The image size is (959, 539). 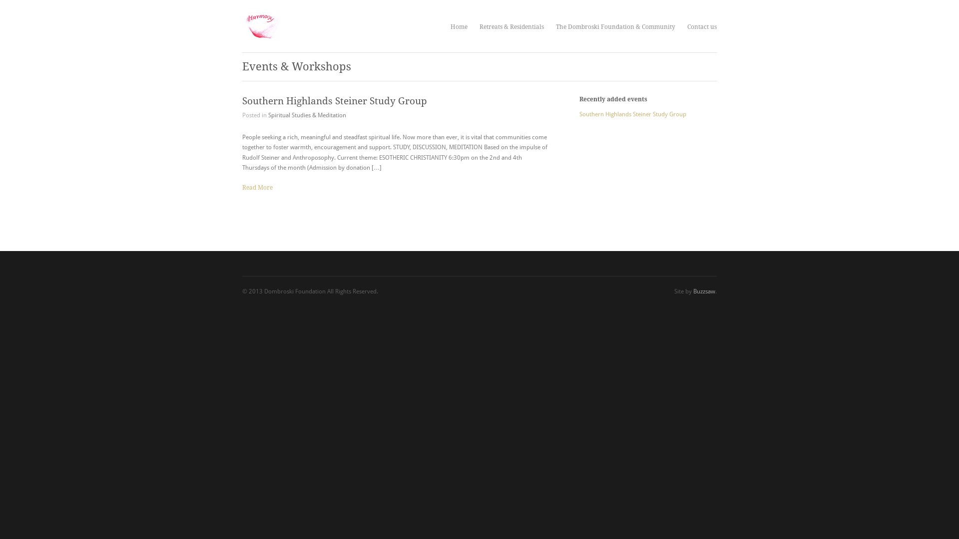 I want to click on 'Southern Highlands Steiner Study Group', so click(x=579, y=113).